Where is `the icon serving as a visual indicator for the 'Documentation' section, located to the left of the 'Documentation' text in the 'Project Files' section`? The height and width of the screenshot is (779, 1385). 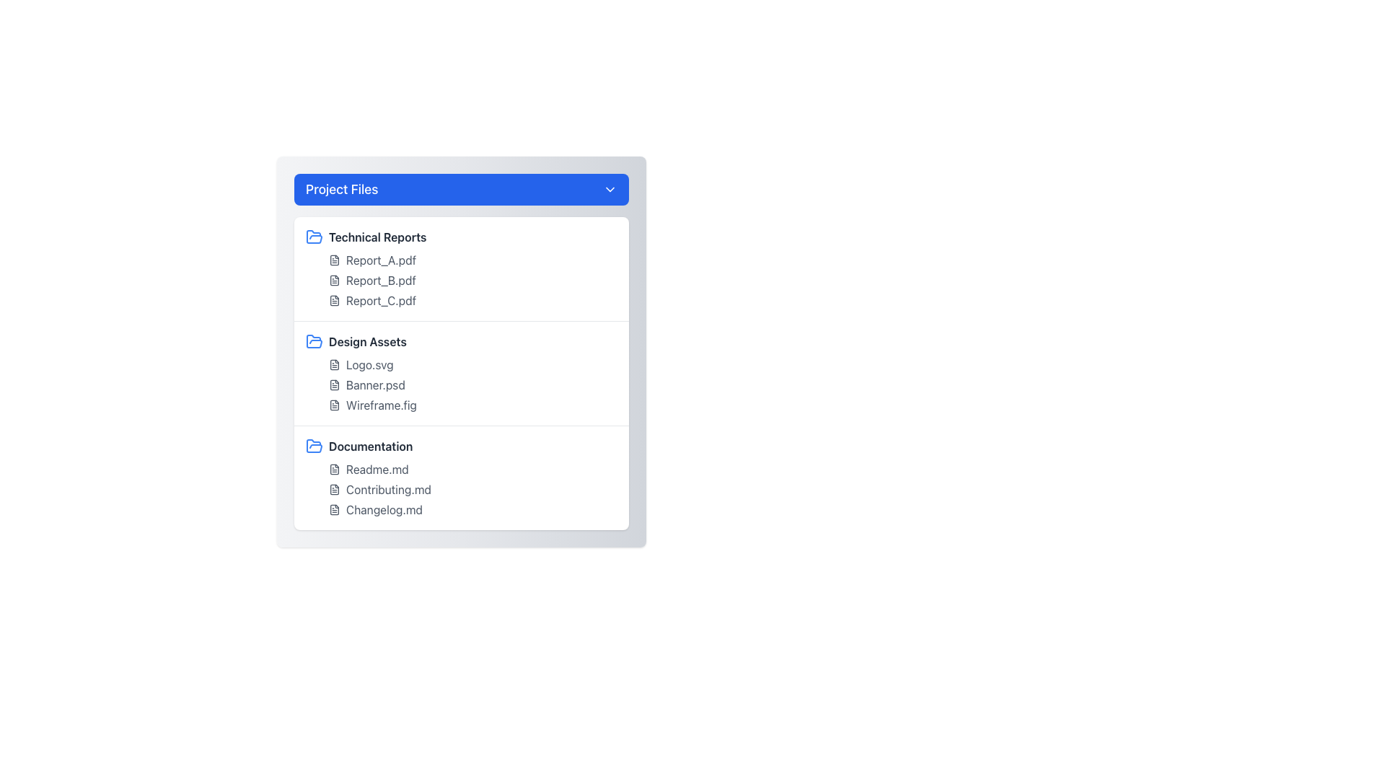
the icon serving as a visual indicator for the 'Documentation' section, located to the left of the 'Documentation' text in the 'Project Files' section is located at coordinates (314, 445).